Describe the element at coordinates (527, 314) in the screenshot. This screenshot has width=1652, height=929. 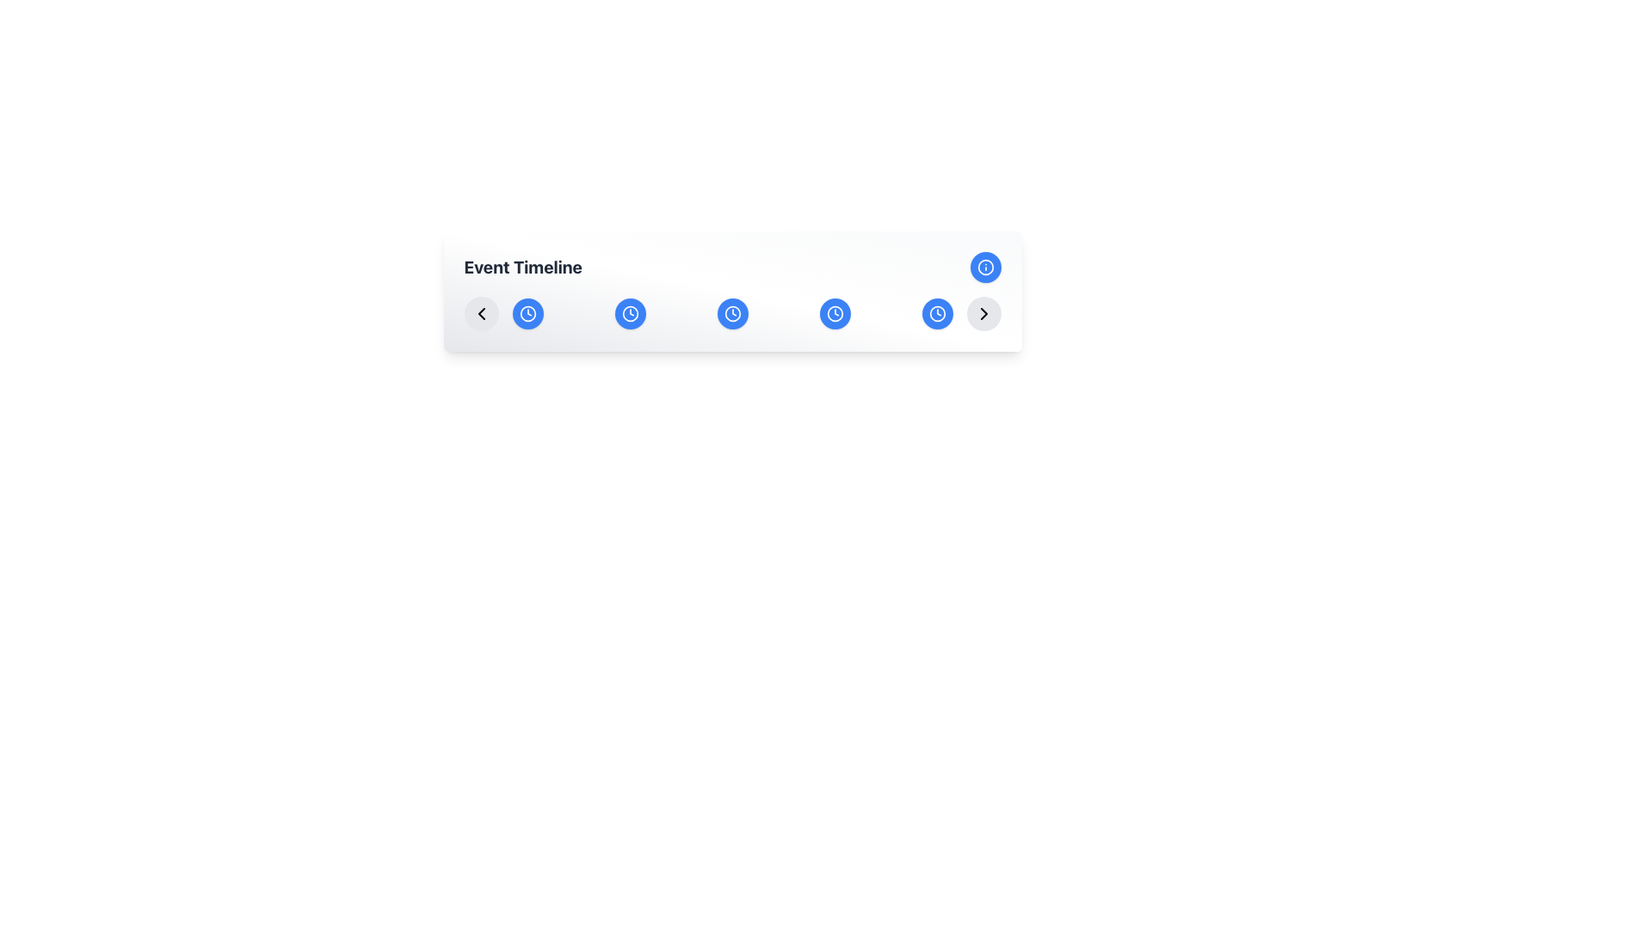
I see `the interactive button representing the timeline entry titled 'Event details for Jan', which is the first button in a series of five positioned to the right of the left navigation arrow in the top-left section of the timeline component` at that location.